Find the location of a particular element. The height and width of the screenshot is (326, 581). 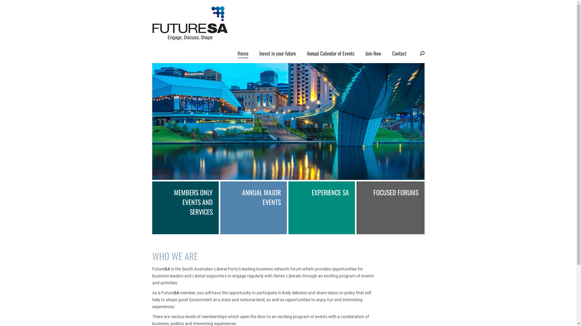

'Annual Calendar of Events' is located at coordinates (330, 53).